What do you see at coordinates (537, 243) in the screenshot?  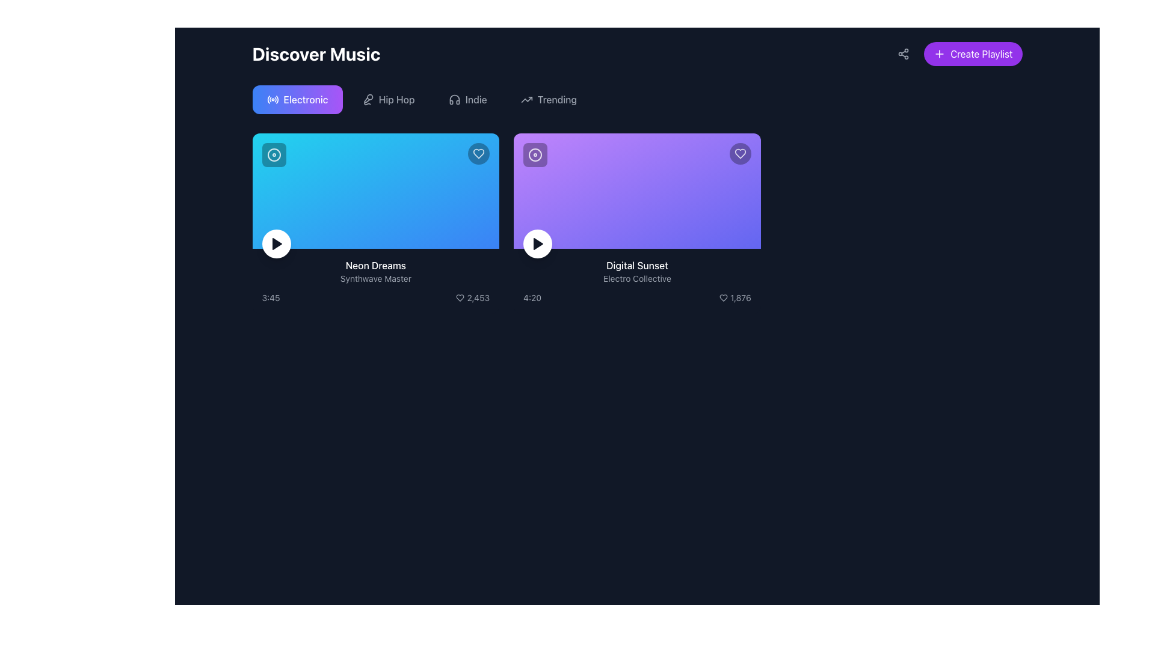 I see `the triangular play icon located centrally within the circular white button at the lower-left corner of the purple card titled 'Digital Sunset'` at bounding box center [537, 243].